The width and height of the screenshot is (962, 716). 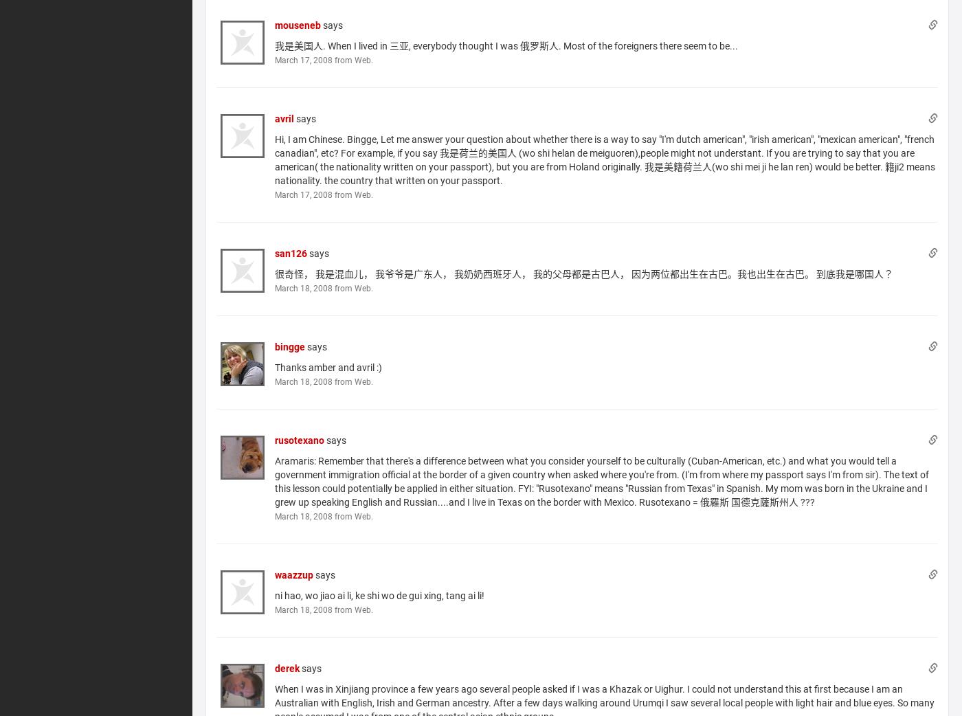 I want to click on 'Aramaris: Remember that there's a difference between what you consider yourself to be culturally (Cuban-American, etc.) and what you would tell a government immigration official at the border of a given country when asked where you're from. (I'm from where my passport says I'm from sir). The text of this lesson could potentially be applied in either situation.

FYI: "Rusotexano" means "Russian from Texas" in Spanish. My mom was born in the Ukraine and I grew up speaking English and Russian....and I live in Texas on the border with Mexico.

Rusotexano = 俄羅斯 国德克薩斯州人 ???', so click(x=273, y=480).